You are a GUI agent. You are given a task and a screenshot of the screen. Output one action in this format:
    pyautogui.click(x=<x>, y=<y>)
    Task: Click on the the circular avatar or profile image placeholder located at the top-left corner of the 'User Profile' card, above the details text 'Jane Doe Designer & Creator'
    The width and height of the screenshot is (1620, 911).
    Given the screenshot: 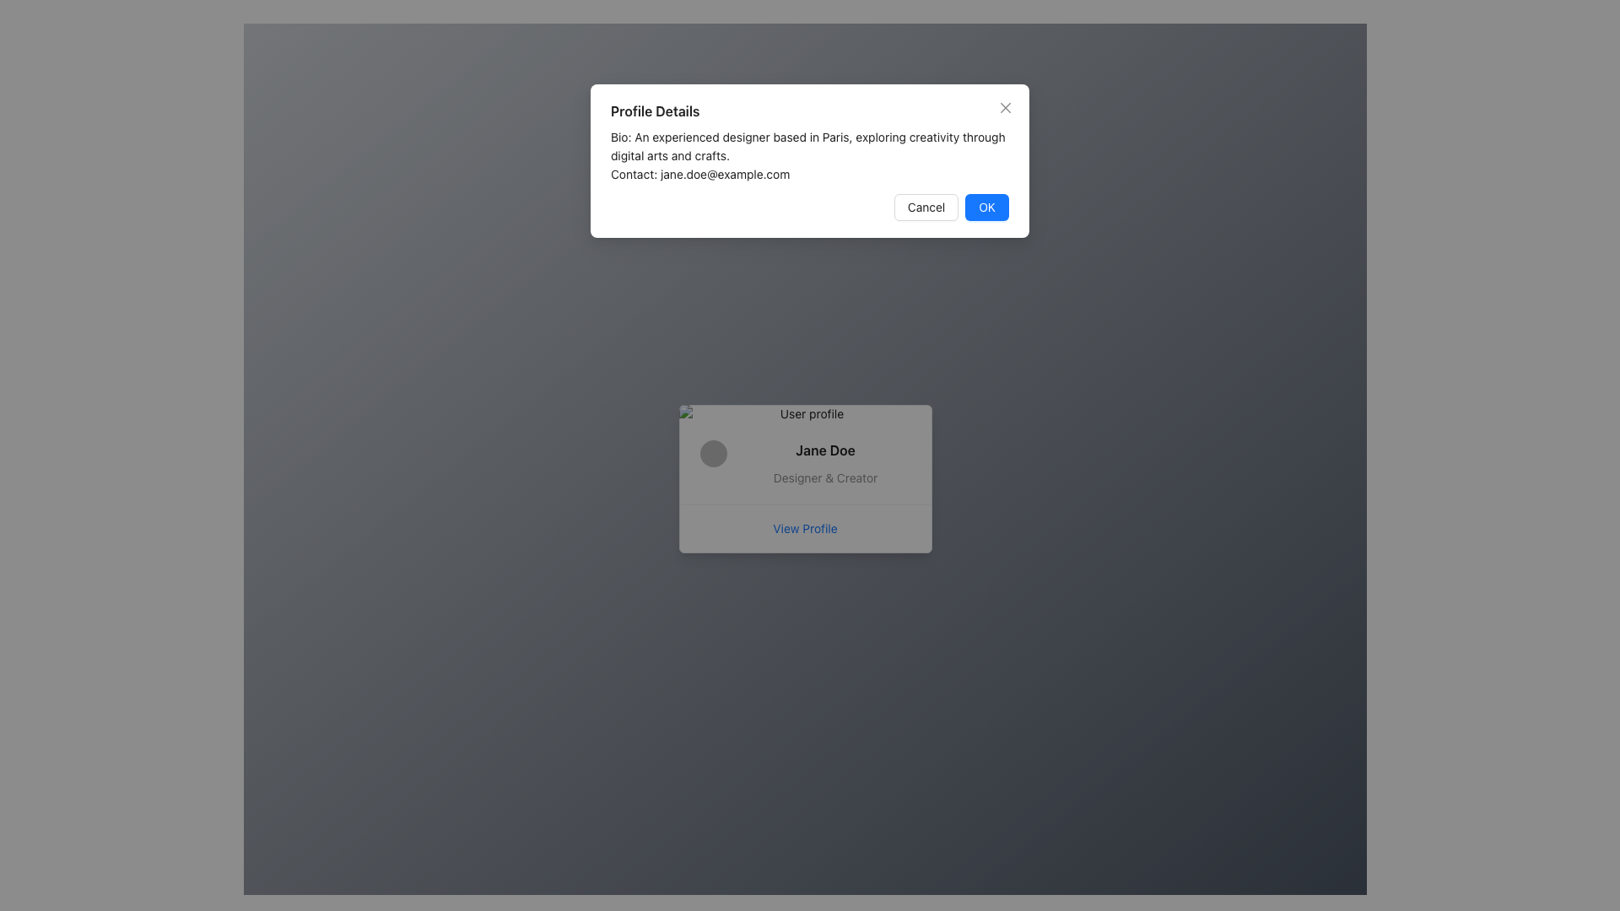 What is the action you would take?
    pyautogui.click(x=720, y=463)
    